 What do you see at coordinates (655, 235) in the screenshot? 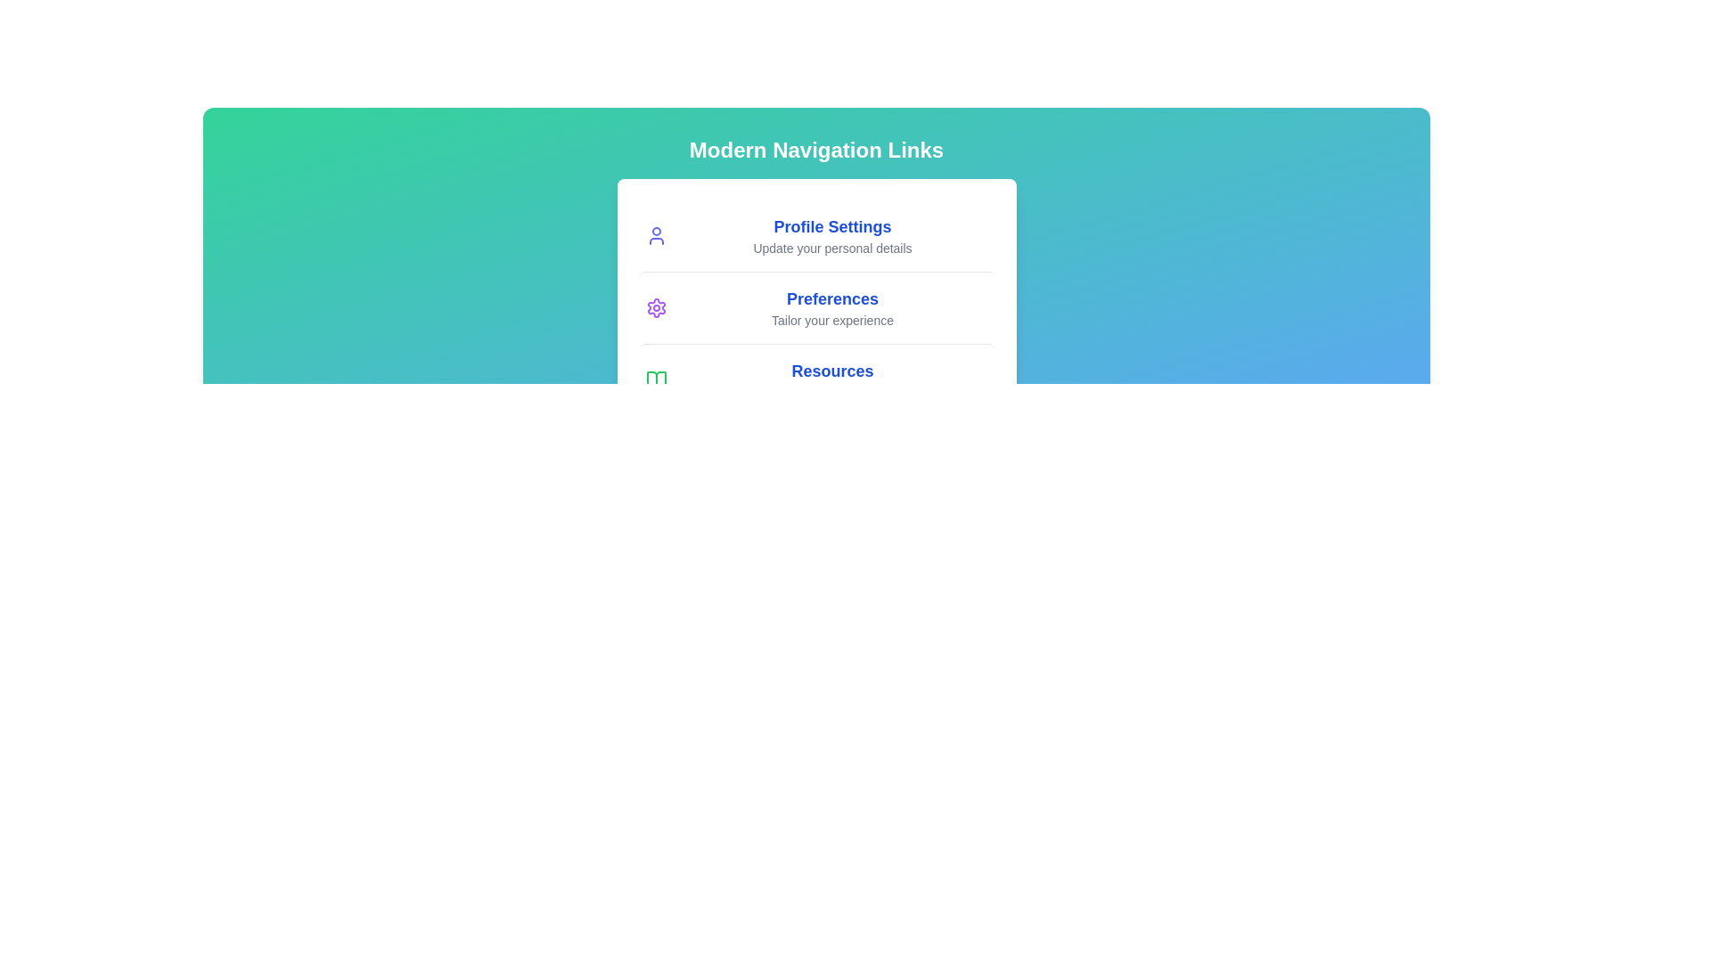
I see `the user icon, which is a simplistic outline of a head and shoulders in deep blue color, located to the left of the text 'Profile Settings' in the first item of the vertical navigation list` at bounding box center [655, 235].